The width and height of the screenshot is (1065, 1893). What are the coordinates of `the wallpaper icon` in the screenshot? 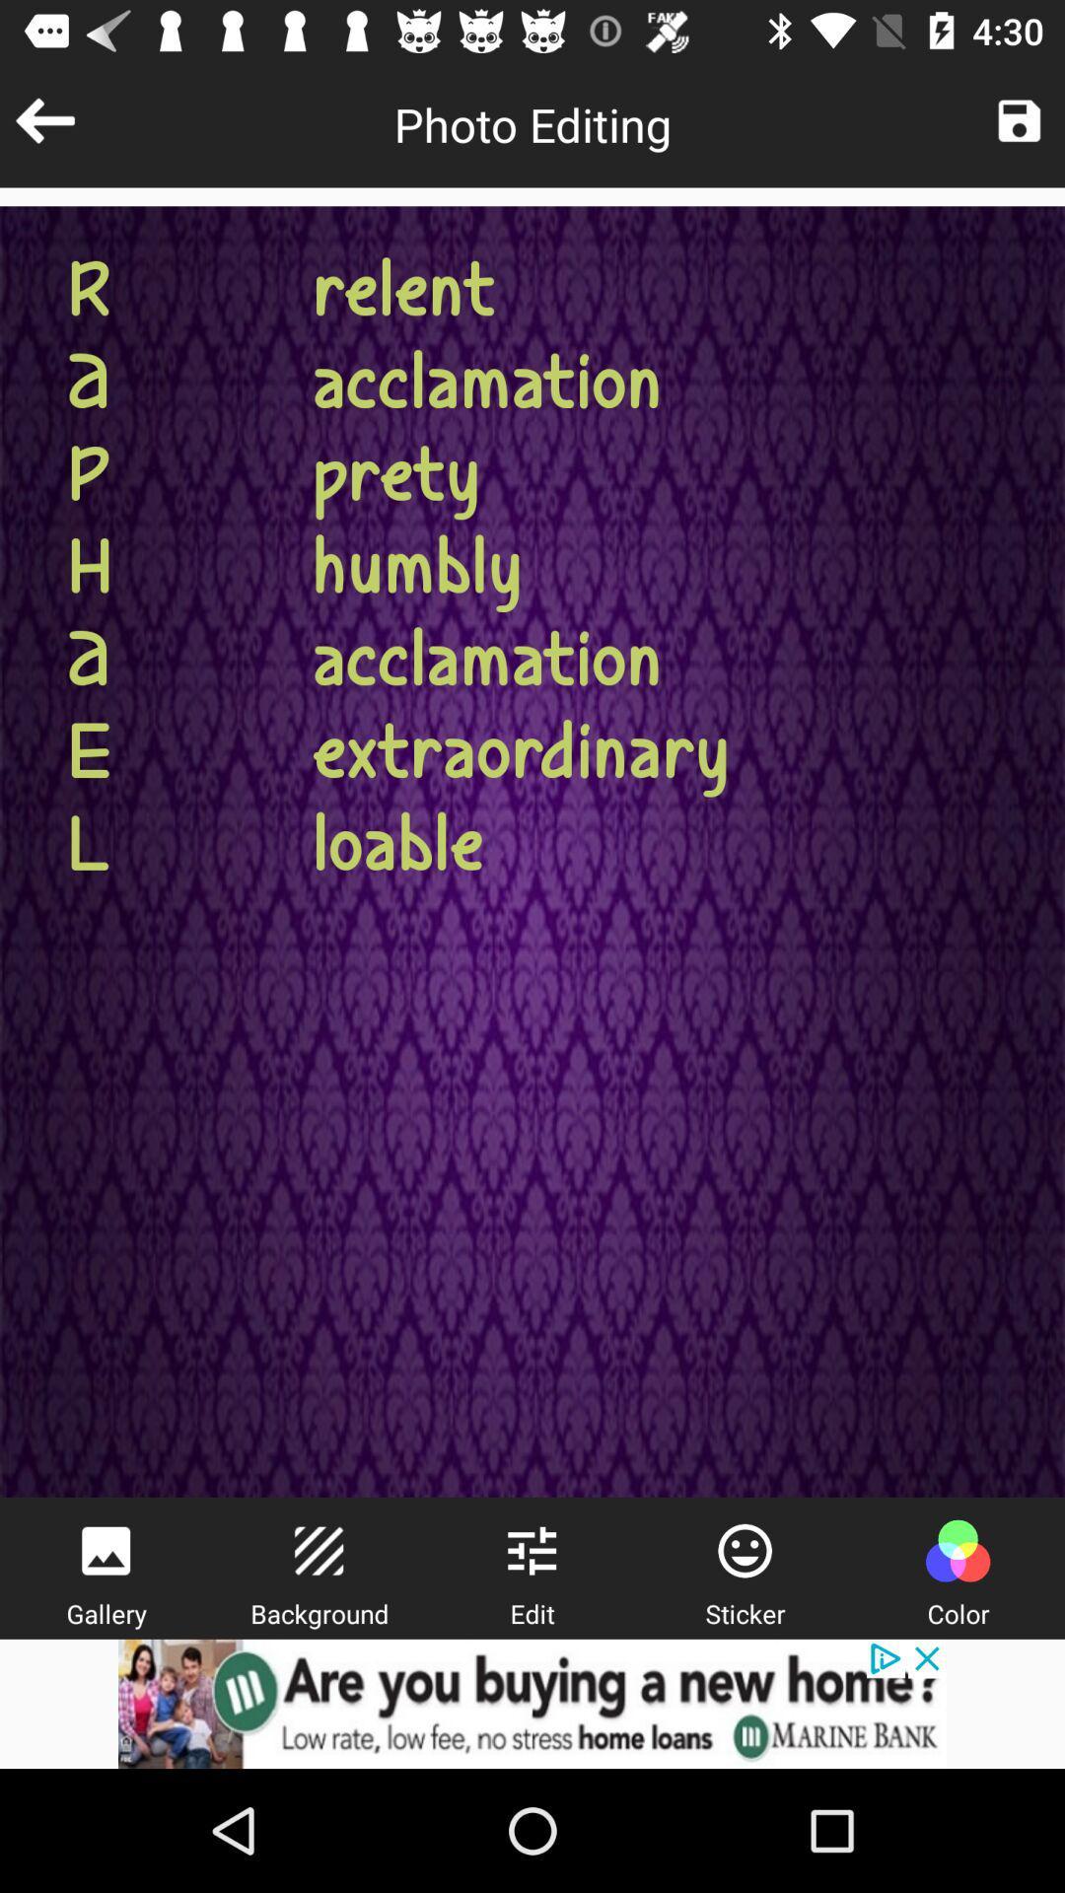 It's located at (106, 1550).